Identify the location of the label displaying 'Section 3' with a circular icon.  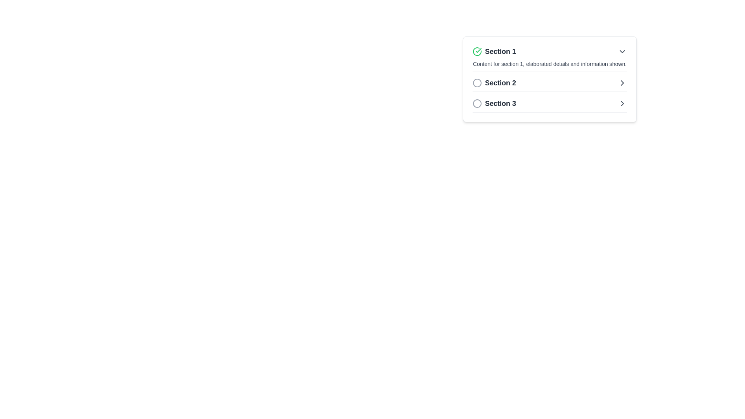
(494, 103).